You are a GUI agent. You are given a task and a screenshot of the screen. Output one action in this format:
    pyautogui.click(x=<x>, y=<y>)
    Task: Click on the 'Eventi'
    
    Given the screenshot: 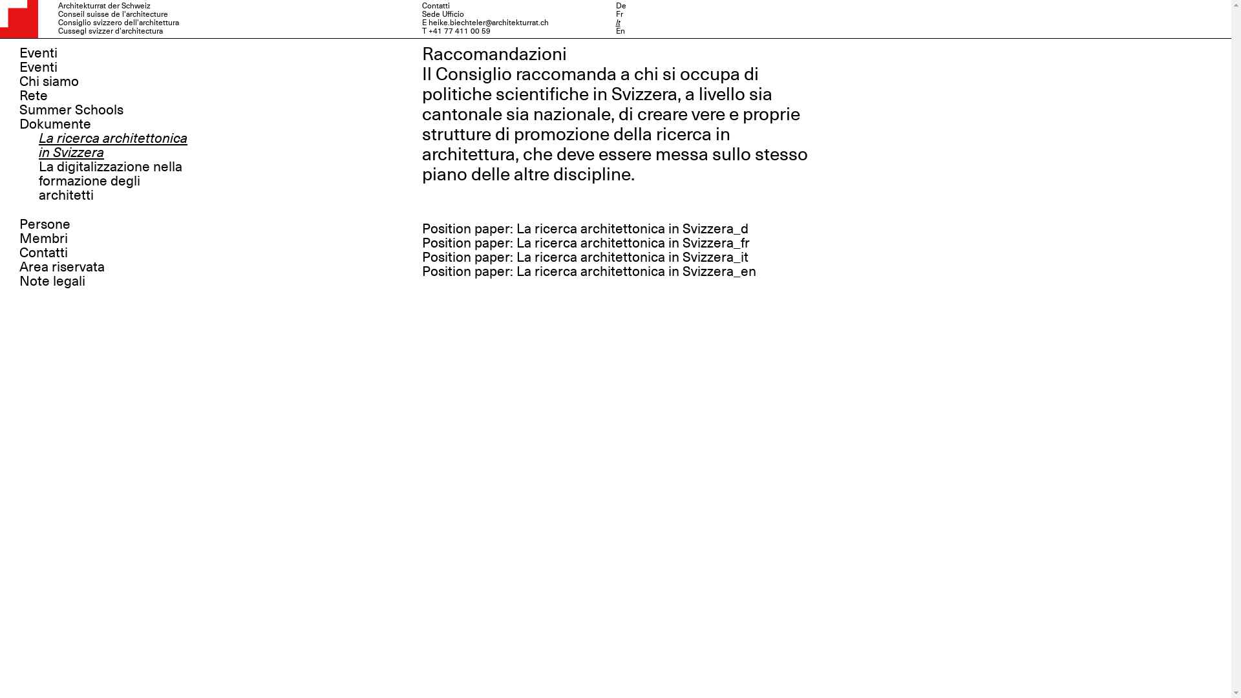 What is the action you would take?
    pyautogui.click(x=38, y=67)
    